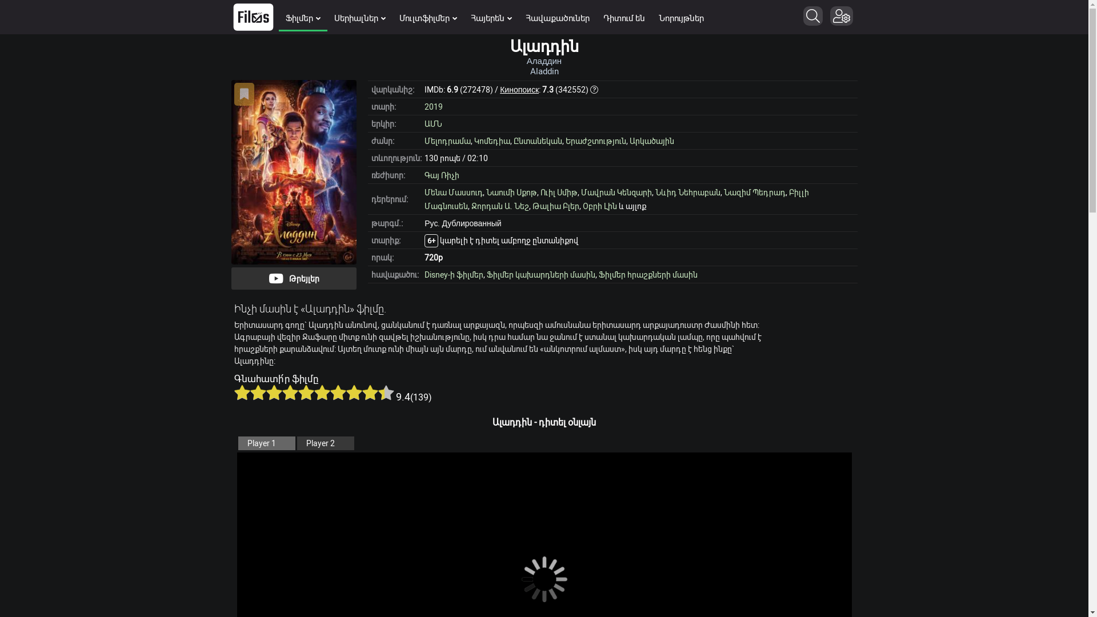 Image resolution: width=1097 pixels, height=617 pixels. I want to click on '4', so click(282, 391).